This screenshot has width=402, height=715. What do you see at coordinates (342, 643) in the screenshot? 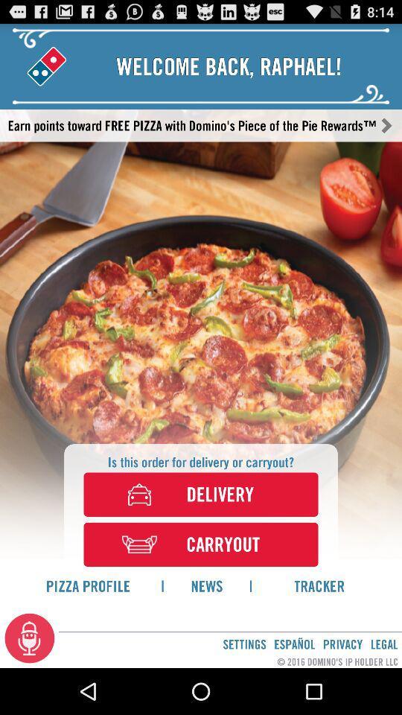
I see `the privacy app` at bounding box center [342, 643].